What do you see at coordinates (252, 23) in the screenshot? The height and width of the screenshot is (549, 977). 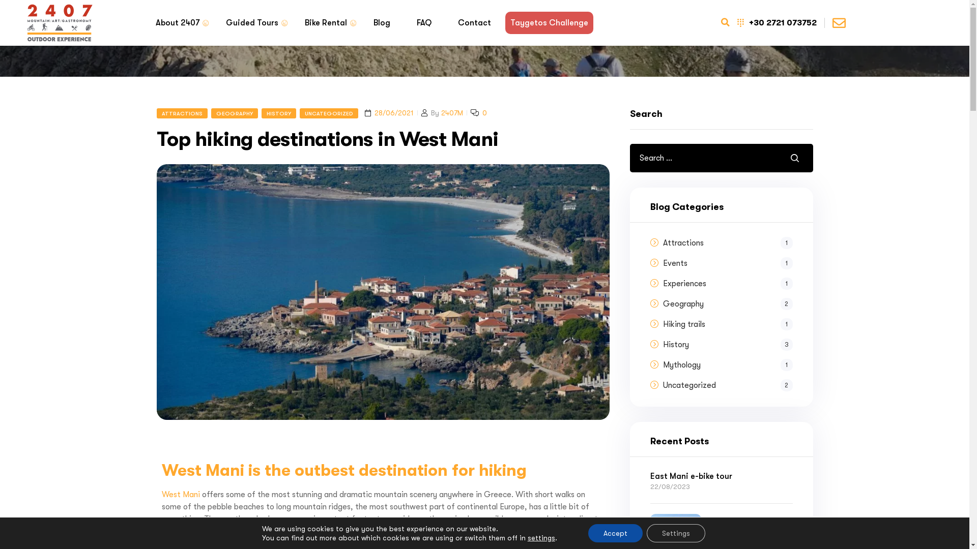 I see `'Guided Tours'` at bounding box center [252, 23].